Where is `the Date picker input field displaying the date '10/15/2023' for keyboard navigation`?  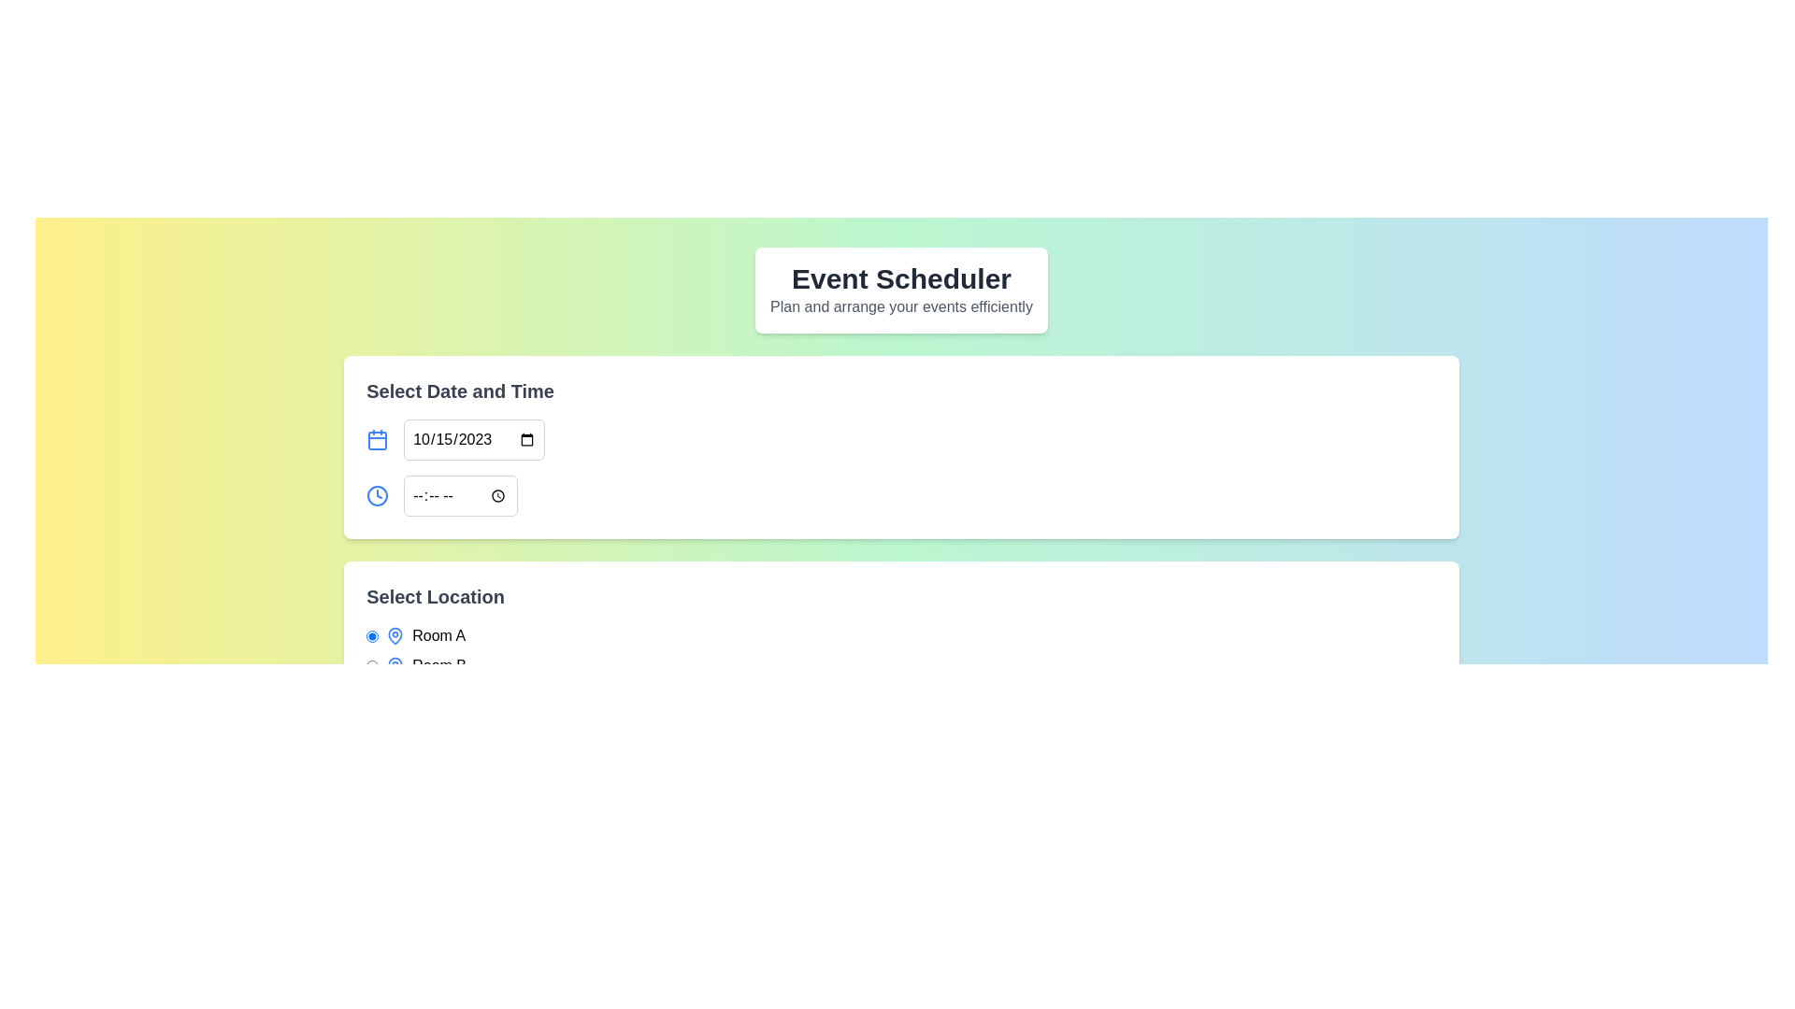 the Date picker input field displaying the date '10/15/2023' for keyboard navigation is located at coordinates (474, 439).